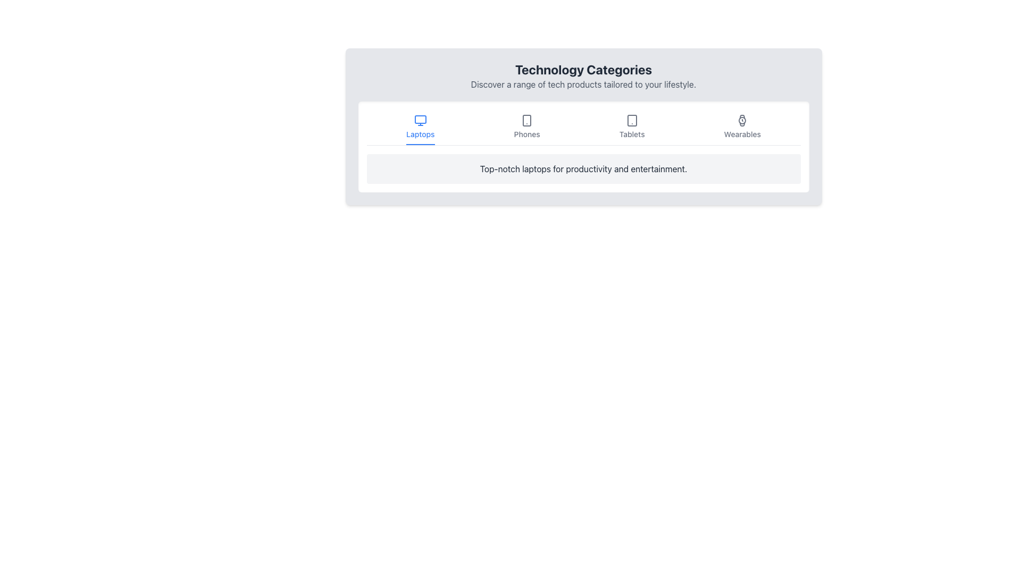  Describe the element at coordinates (742, 120) in the screenshot. I see `the small circular SVG element that is the central circle within the watch icon, aligned with the text 'Wearables' below, located at the rightmost position in the 'Technology Categories' row` at that location.